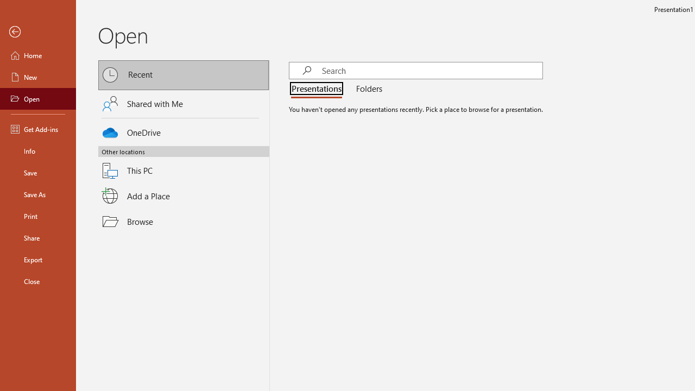 Image resolution: width=695 pixels, height=391 pixels. Describe the element at coordinates (184, 74) in the screenshot. I see `'Recent'` at that location.